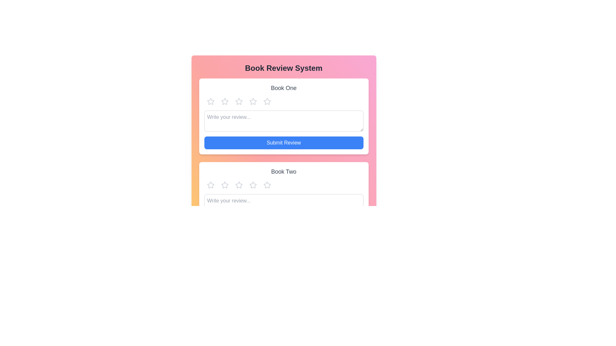 The height and width of the screenshot is (346, 616). Describe the element at coordinates (283, 171) in the screenshot. I see `the title of the book Book Two to read` at that location.